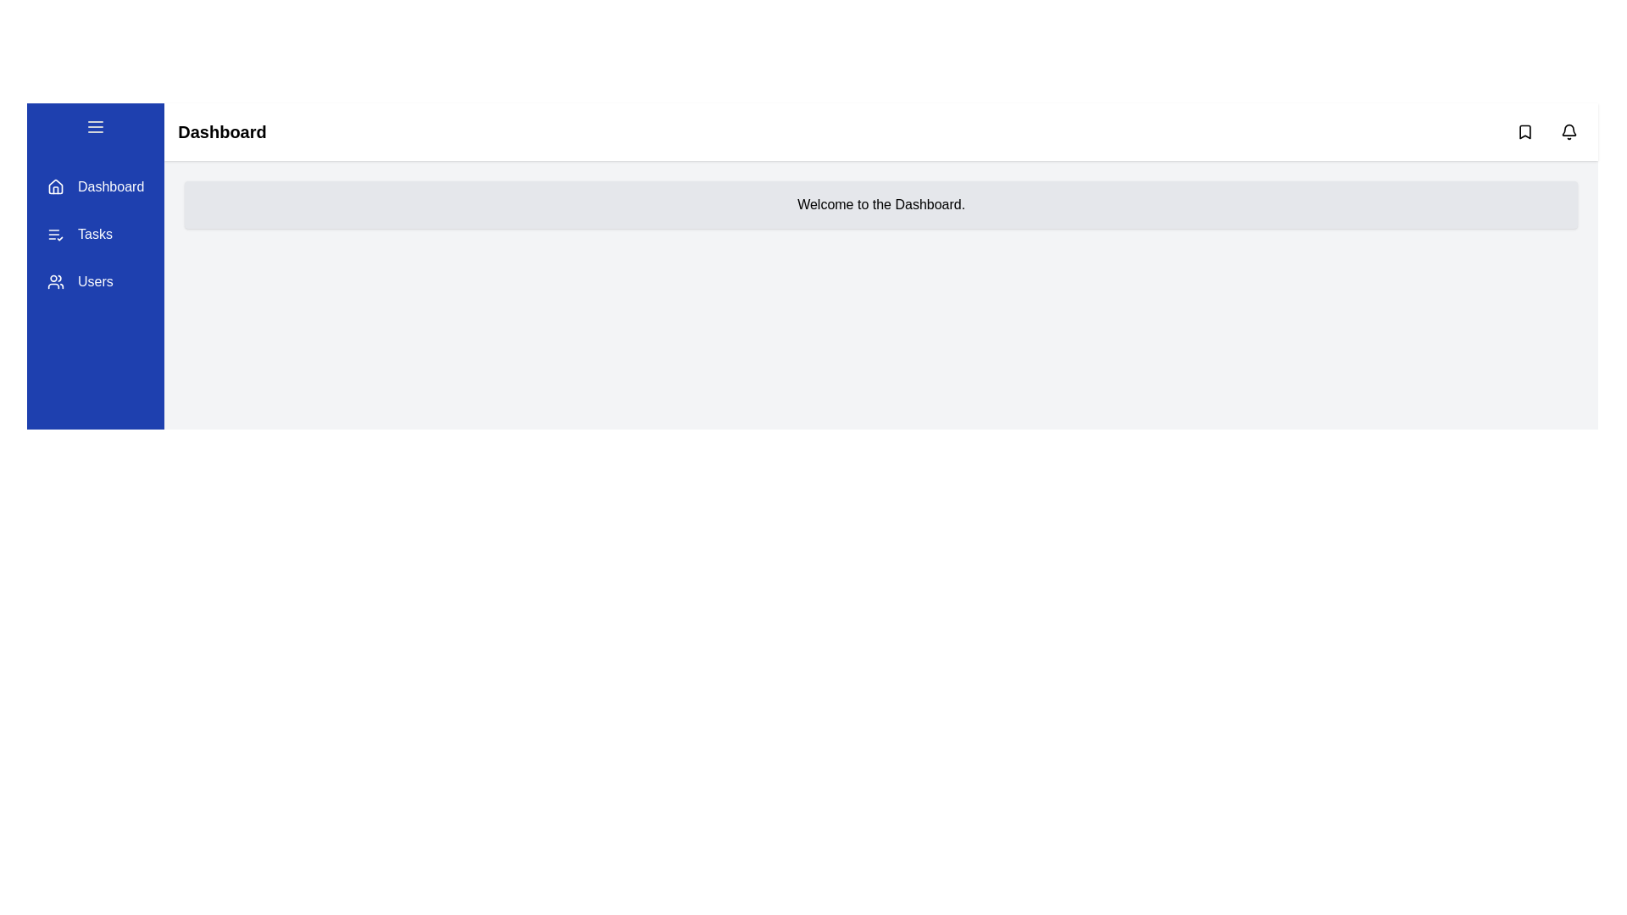 The height and width of the screenshot is (915, 1627). What do you see at coordinates (79, 235) in the screenshot?
I see `the second button in the vertical list on the left side navigation menu` at bounding box center [79, 235].